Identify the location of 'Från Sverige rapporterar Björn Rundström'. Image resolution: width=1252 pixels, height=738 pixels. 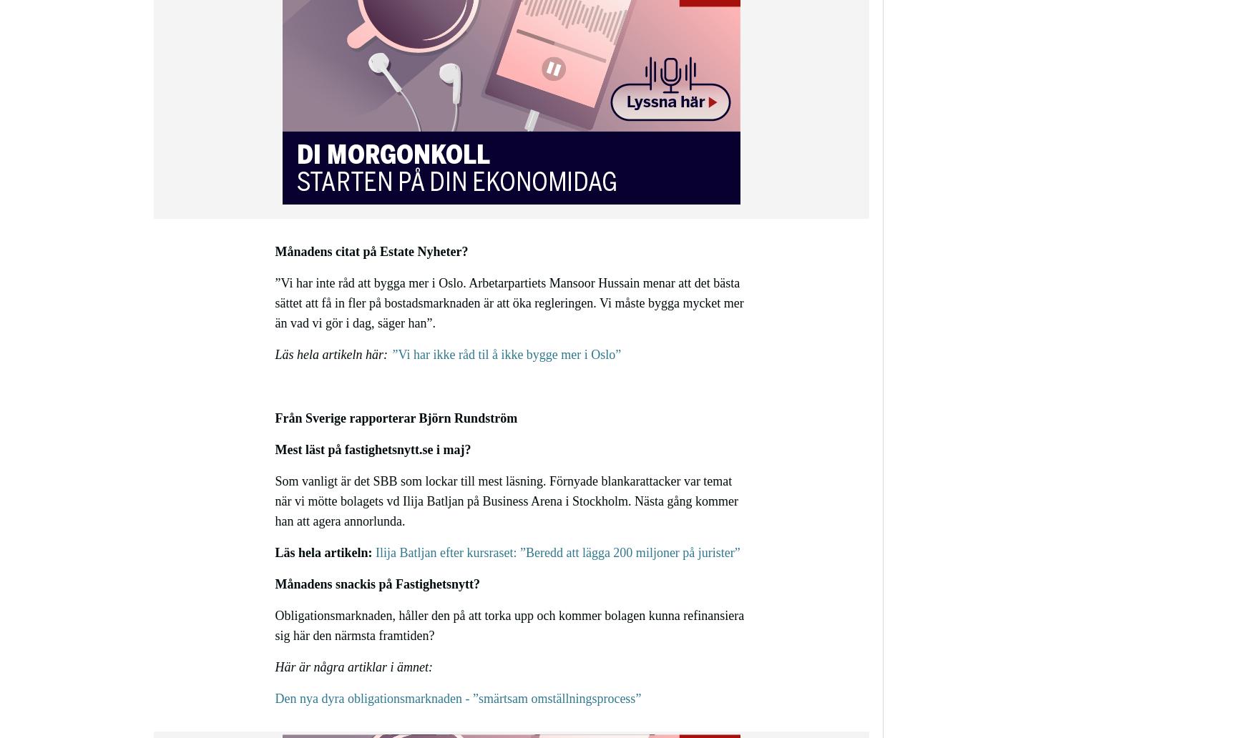
(273, 418).